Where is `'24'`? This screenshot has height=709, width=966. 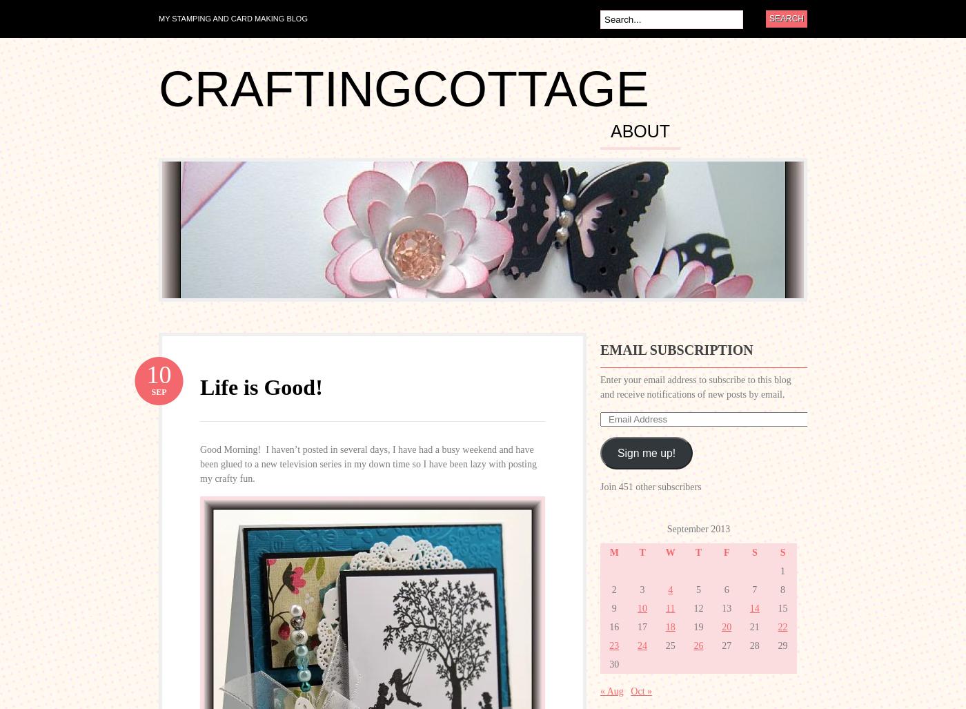
'24' is located at coordinates (638, 645).